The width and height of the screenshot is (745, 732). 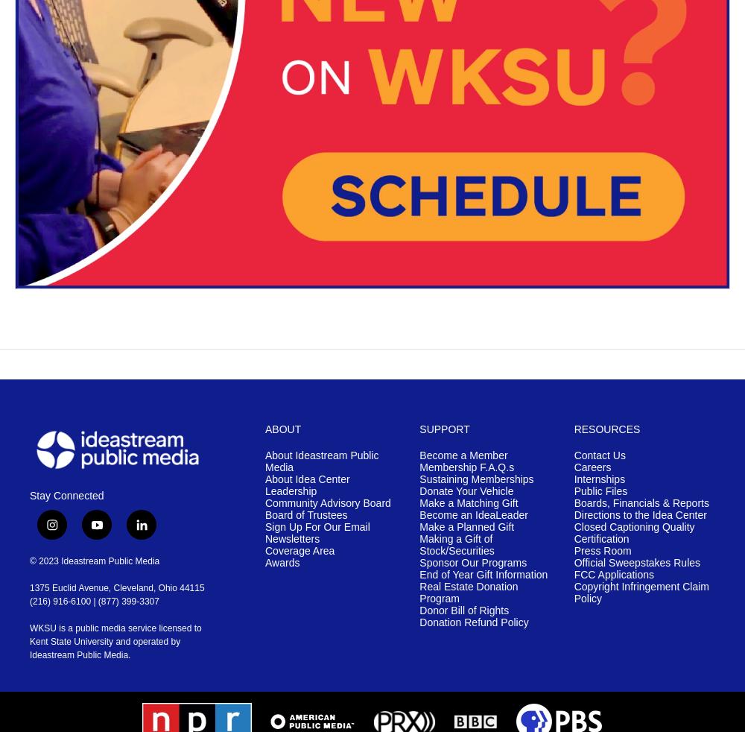 What do you see at coordinates (574, 562) in the screenshot?
I see `'Official Sweepstakes Rules'` at bounding box center [574, 562].